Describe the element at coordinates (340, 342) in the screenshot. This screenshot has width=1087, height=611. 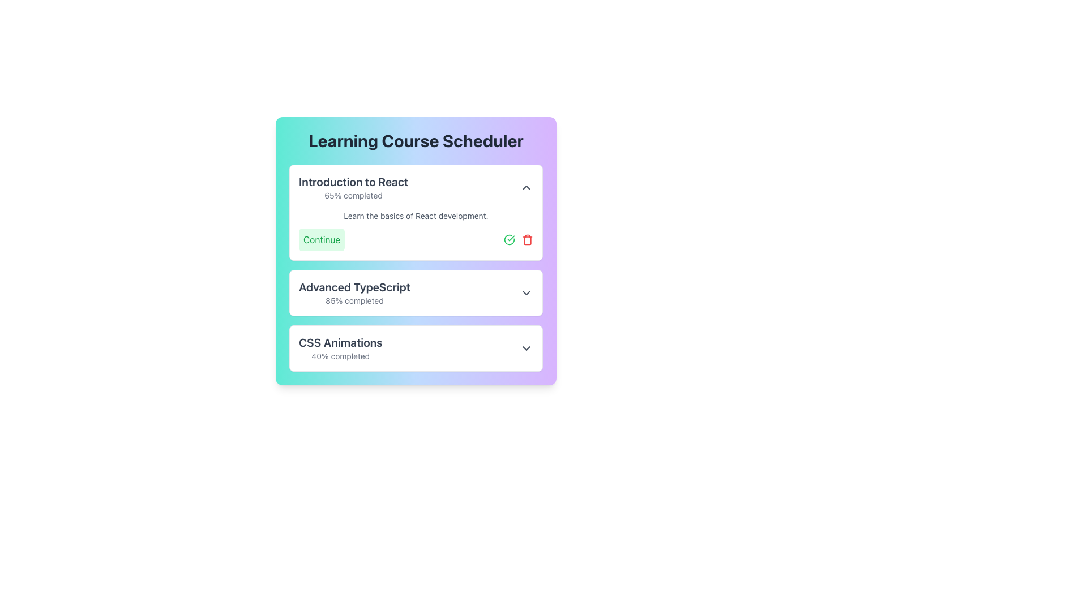
I see `the text label displaying 'CSS Animations', which is in bold dark gray font at the top of the third card in the 'Learning Course Scheduler' module` at that location.